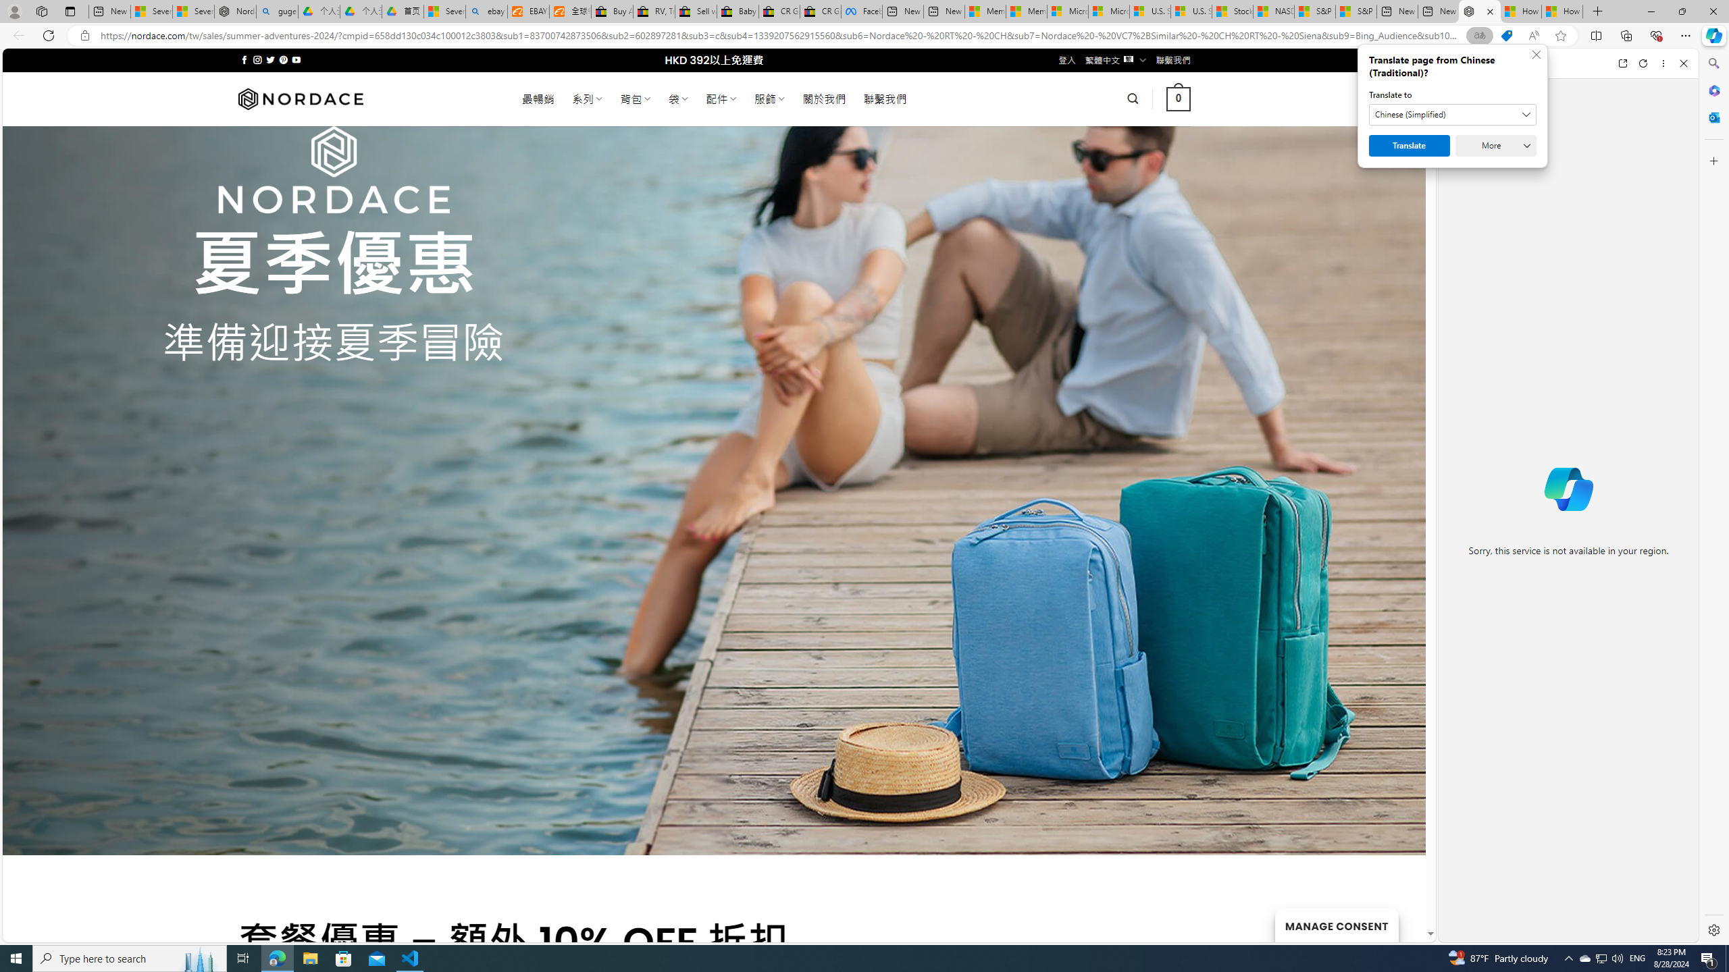  What do you see at coordinates (1178, 98) in the screenshot?
I see `' 0 '` at bounding box center [1178, 98].